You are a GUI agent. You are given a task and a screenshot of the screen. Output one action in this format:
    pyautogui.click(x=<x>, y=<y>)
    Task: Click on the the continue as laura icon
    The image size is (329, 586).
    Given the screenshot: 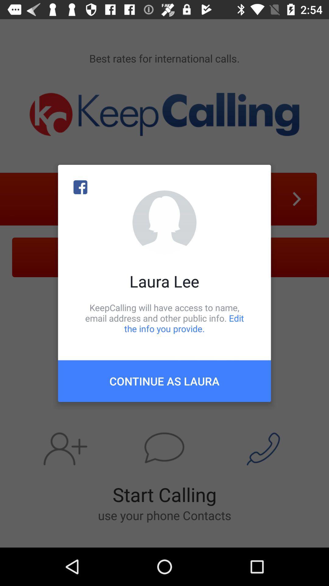 What is the action you would take?
    pyautogui.click(x=164, y=381)
    